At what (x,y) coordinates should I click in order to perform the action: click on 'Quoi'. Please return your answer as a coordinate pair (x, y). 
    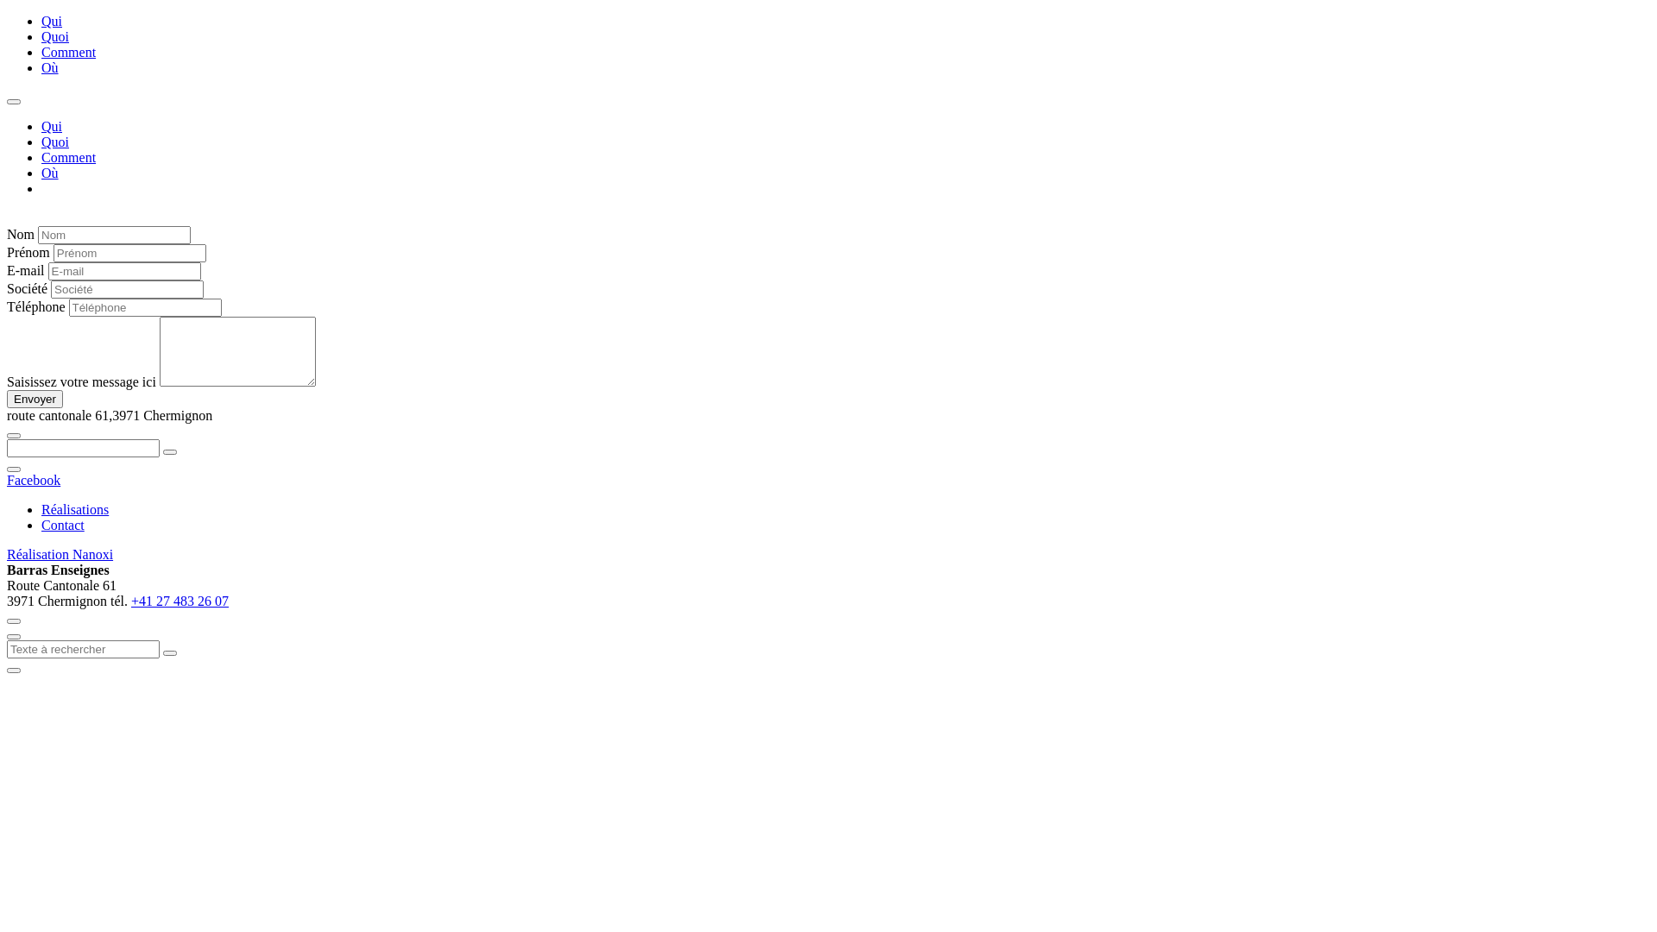
    Looking at the image, I should click on (54, 141).